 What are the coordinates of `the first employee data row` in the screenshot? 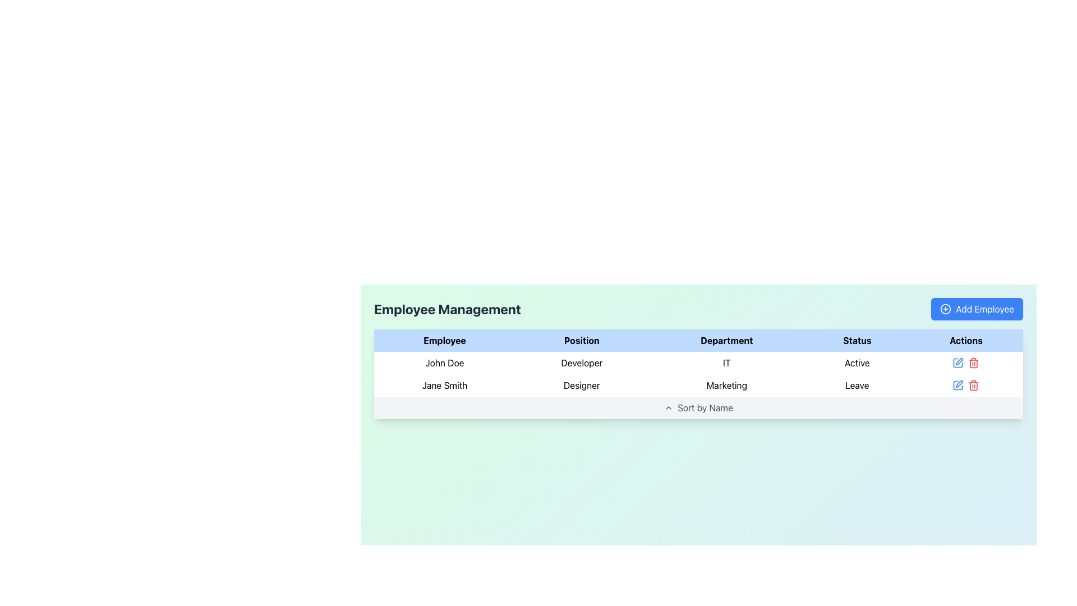 It's located at (698, 363).